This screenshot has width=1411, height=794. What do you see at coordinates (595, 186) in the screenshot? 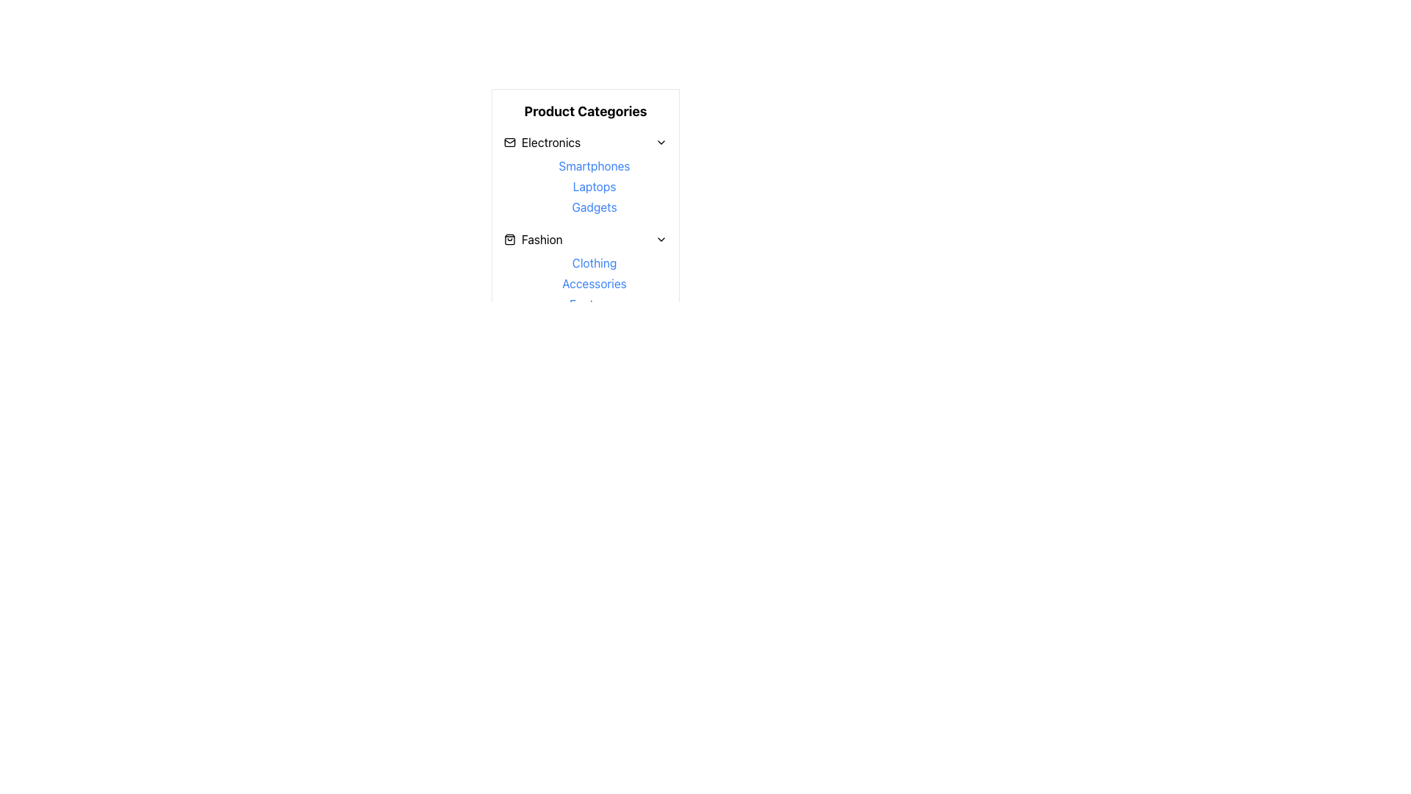
I see `the 'Laptops' text link in the 'Product Categories' section` at bounding box center [595, 186].